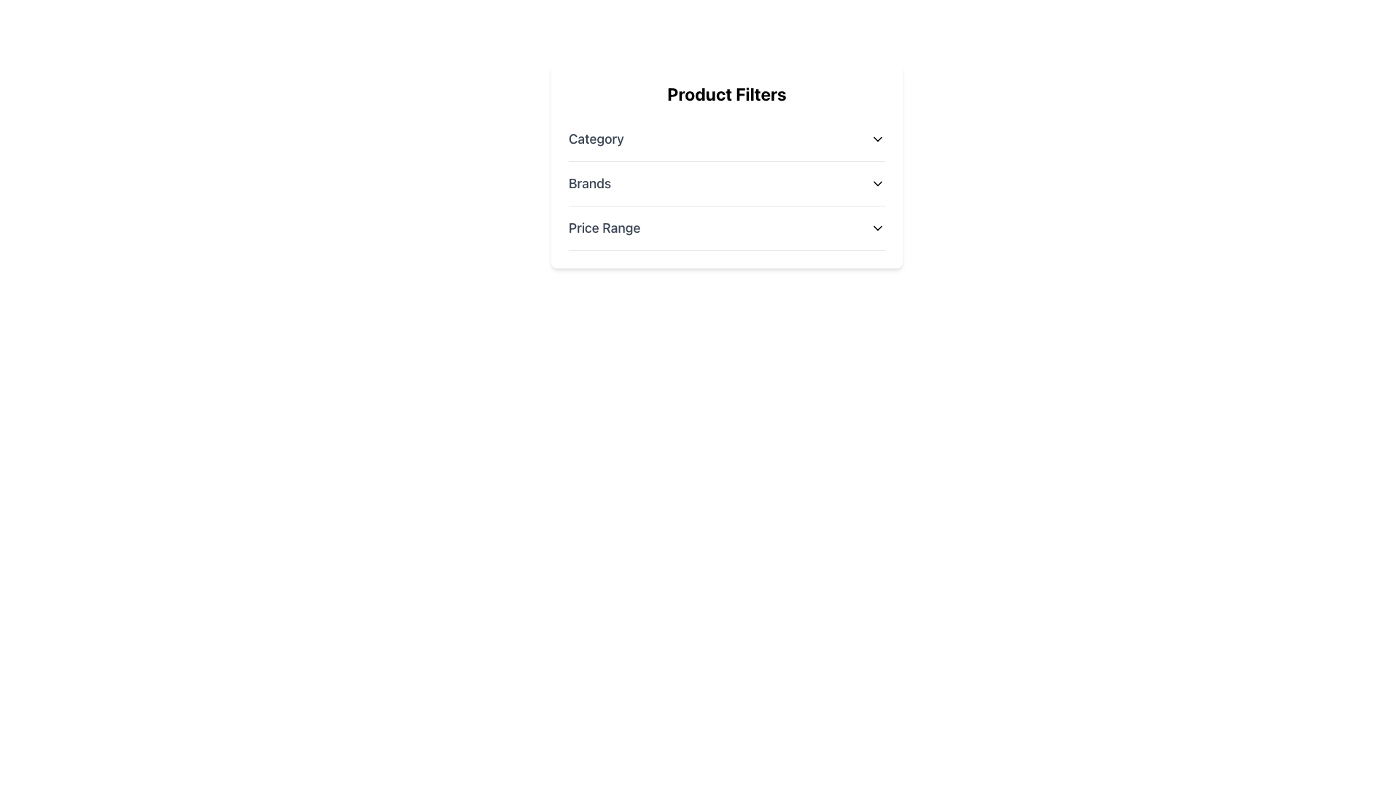 The image size is (1400, 788). What do you see at coordinates (727, 183) in the screenshot?
I see `the 'Brands' dropdown menu trigger, which is the second row in the vertical list of categories within the 'Product Filters' section` at bounding box center [727, 183].